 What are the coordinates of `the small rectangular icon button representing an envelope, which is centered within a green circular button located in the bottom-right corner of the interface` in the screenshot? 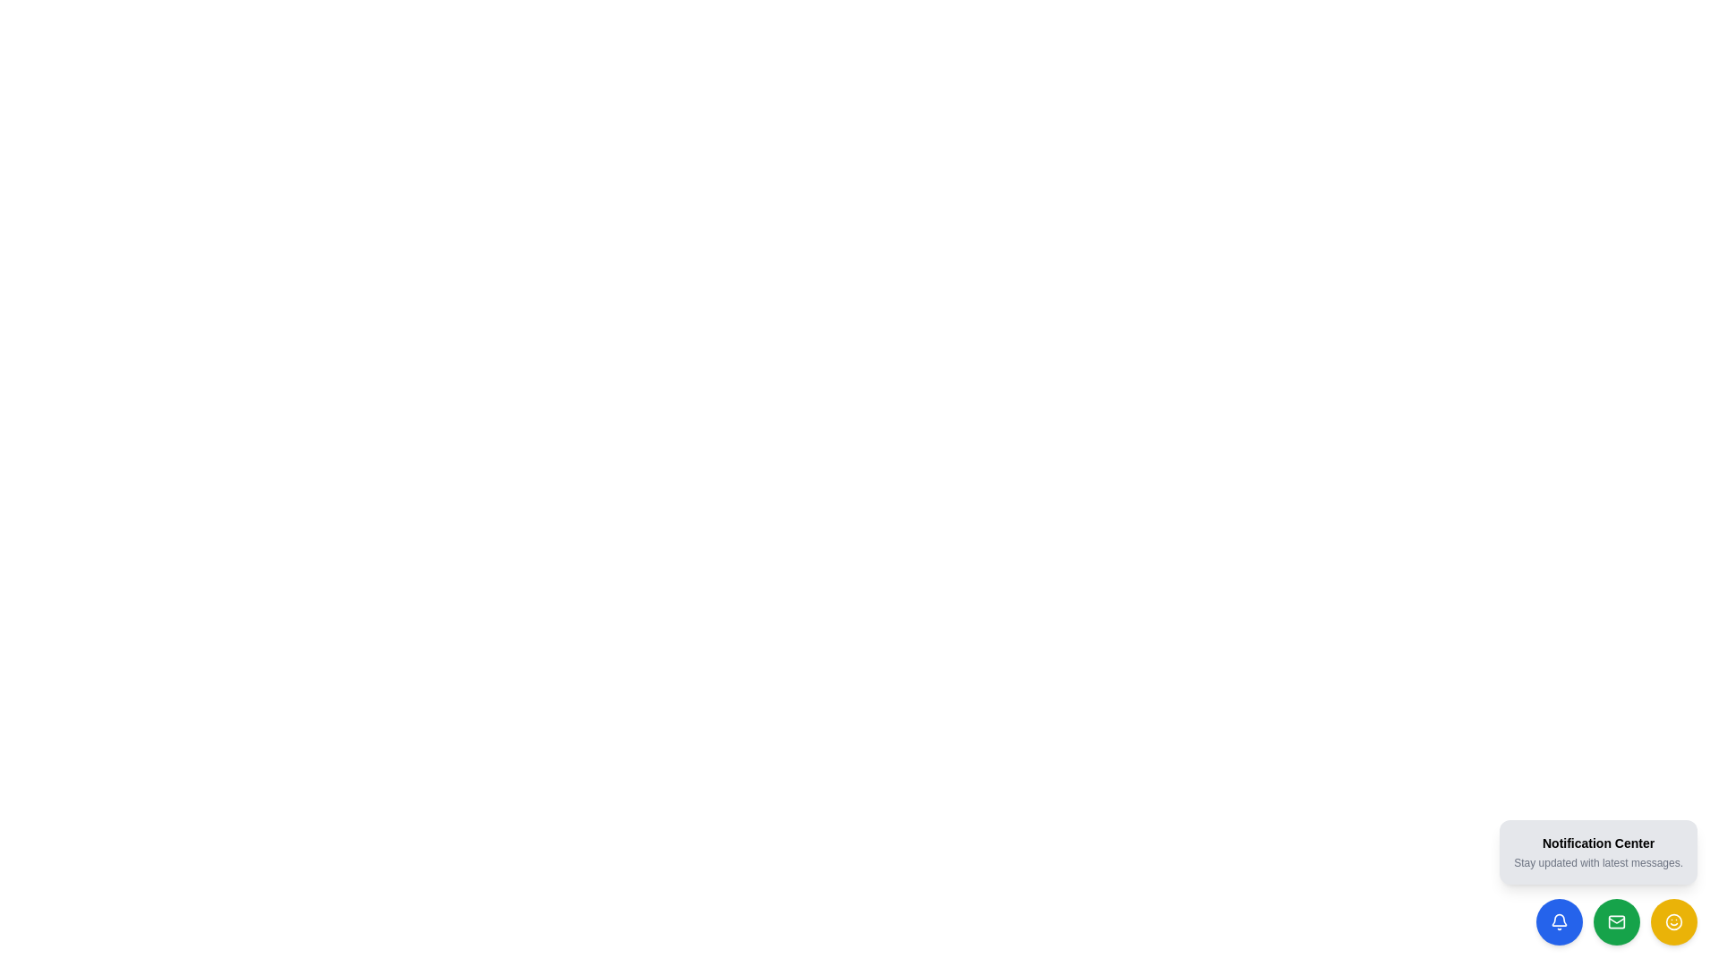 It's located at (1616, 921).